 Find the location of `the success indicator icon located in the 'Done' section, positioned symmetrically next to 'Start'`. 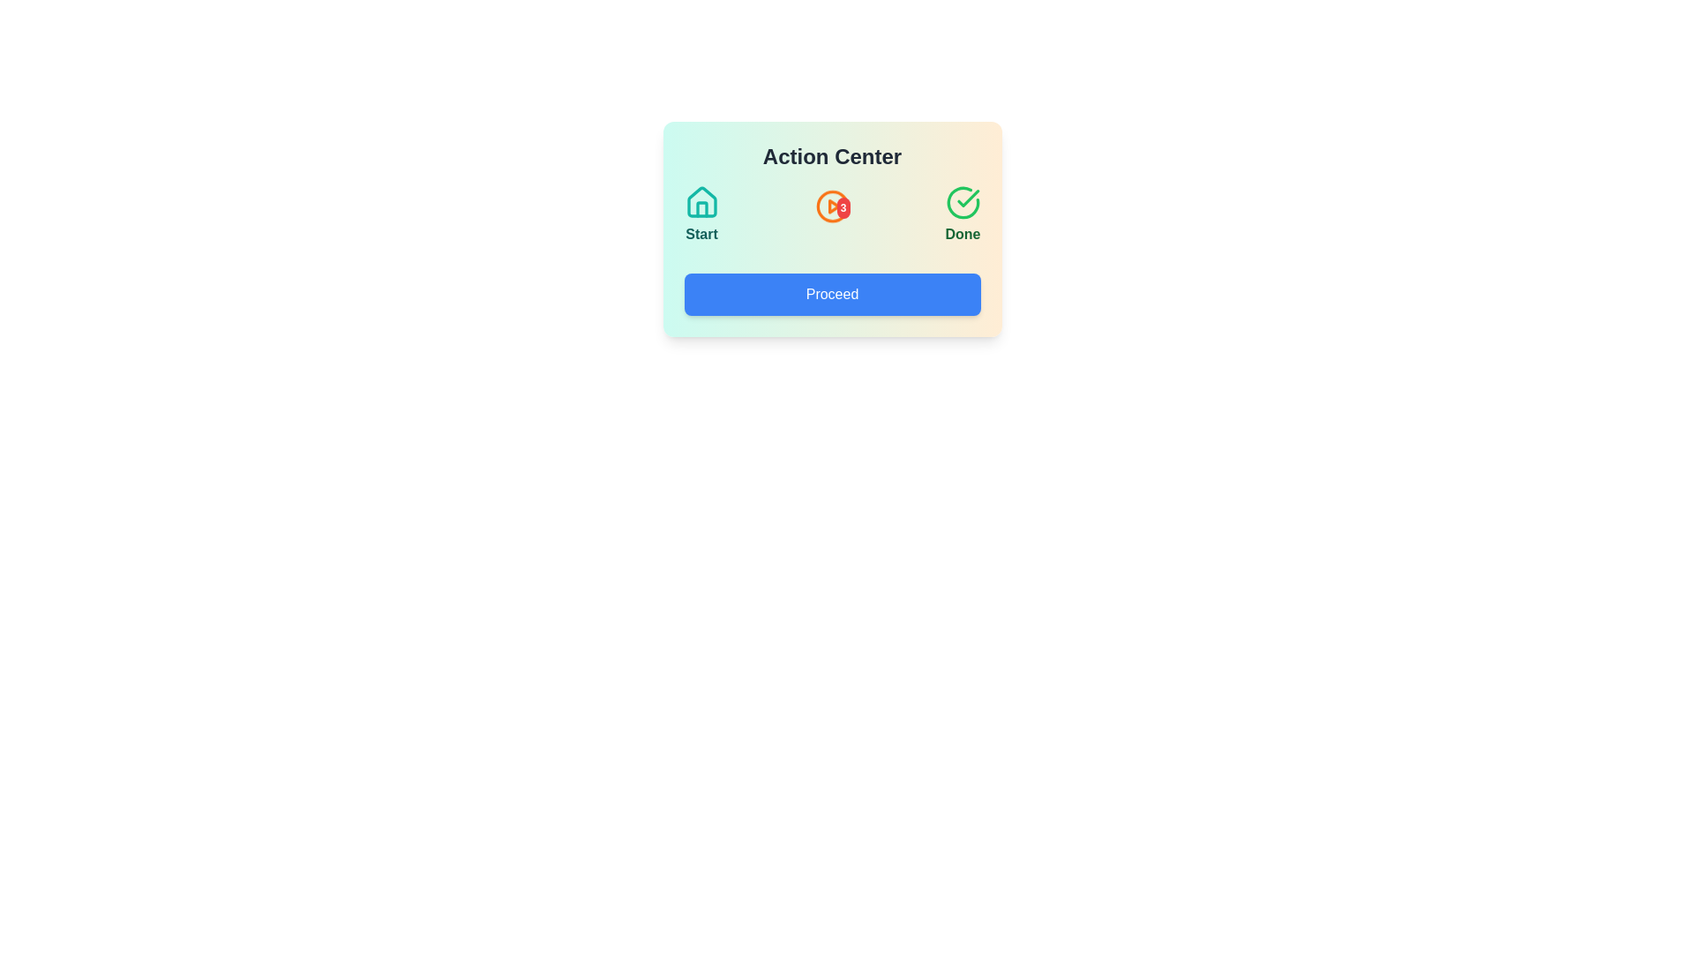

the success indicator icon located in the 'Done' section, positioned symmetrically next to 'Start' is located at coordinates (962, 202).